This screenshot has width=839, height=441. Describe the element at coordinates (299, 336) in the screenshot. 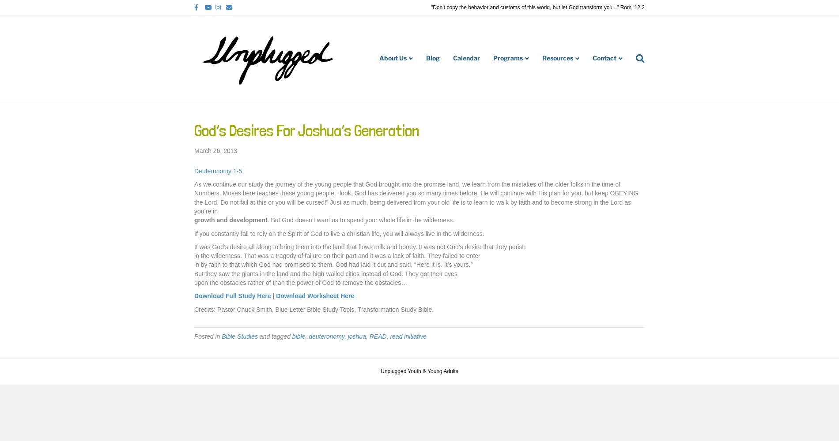

I see `'bible'` at that location.